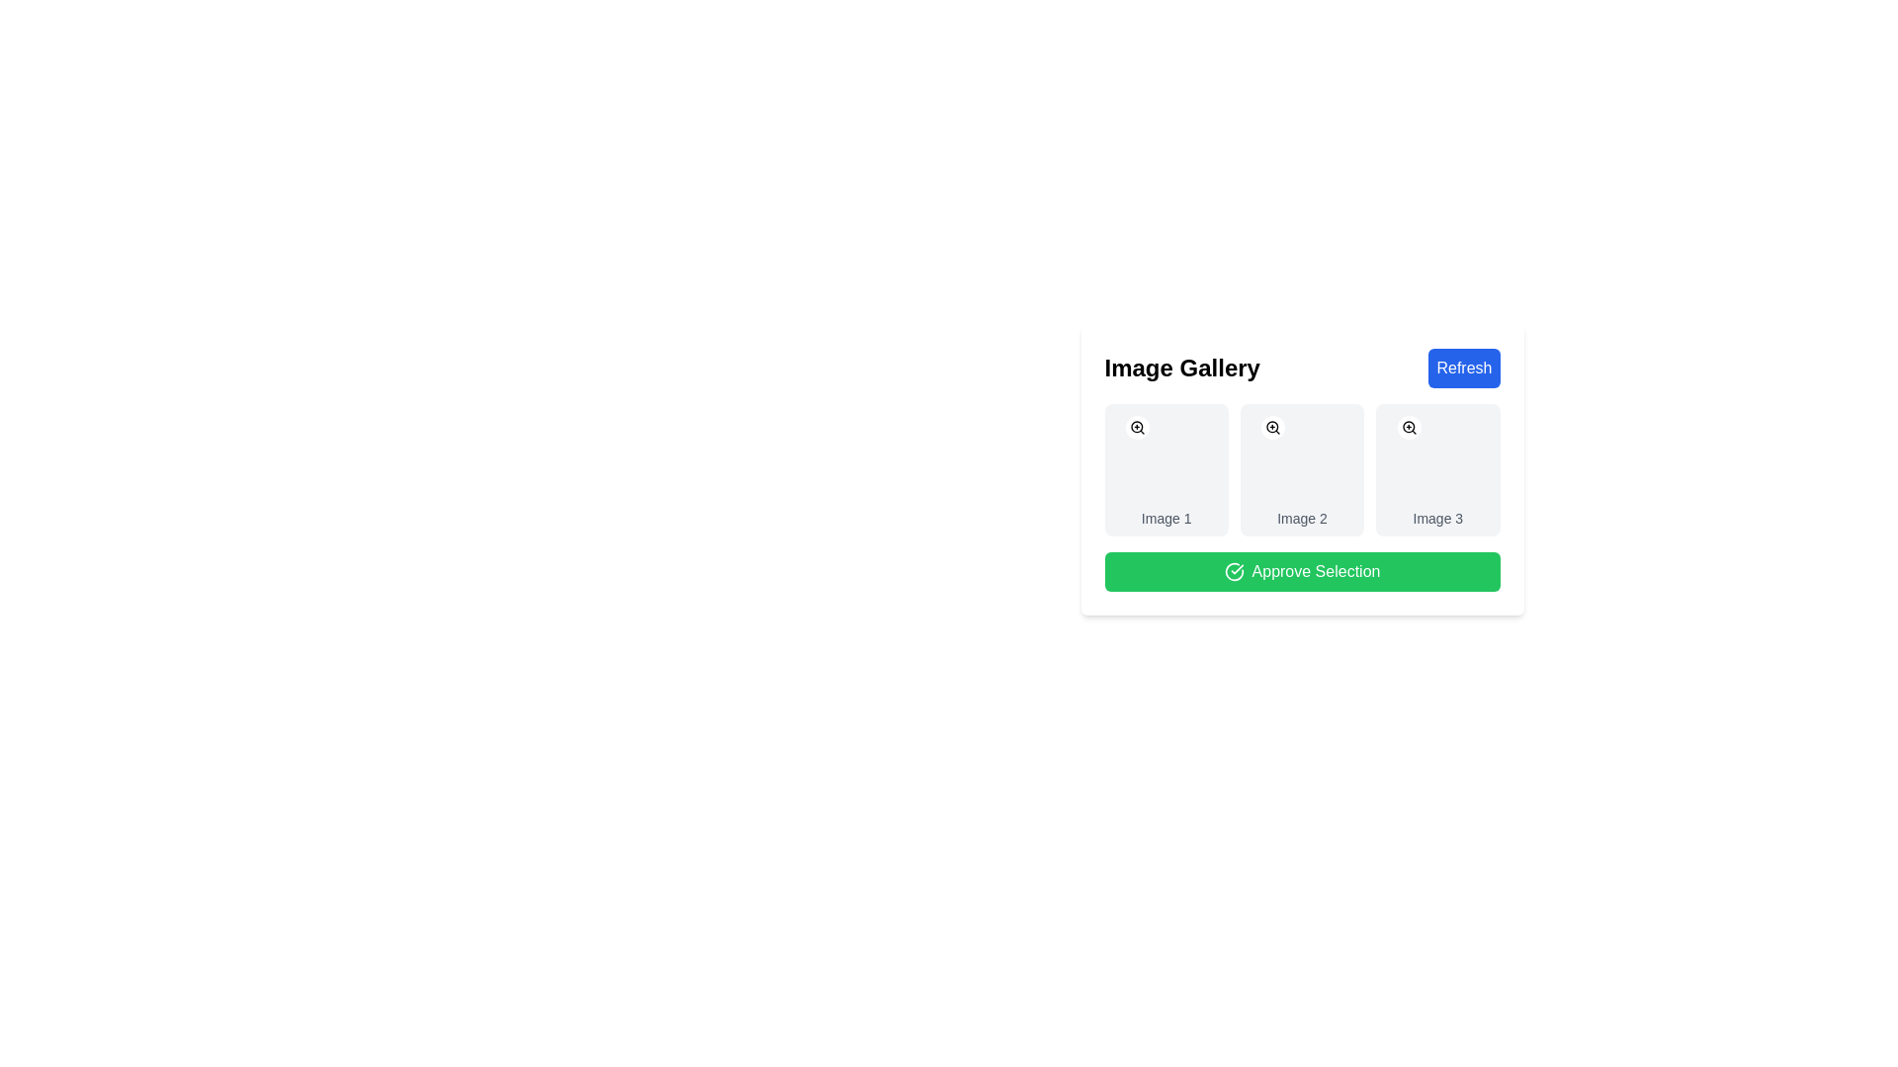  I want to click on the magnifying glass icon with a plus sign, which is located in a circular button at the top-left corner of the first image in the image gallery, so click(1273, 426).